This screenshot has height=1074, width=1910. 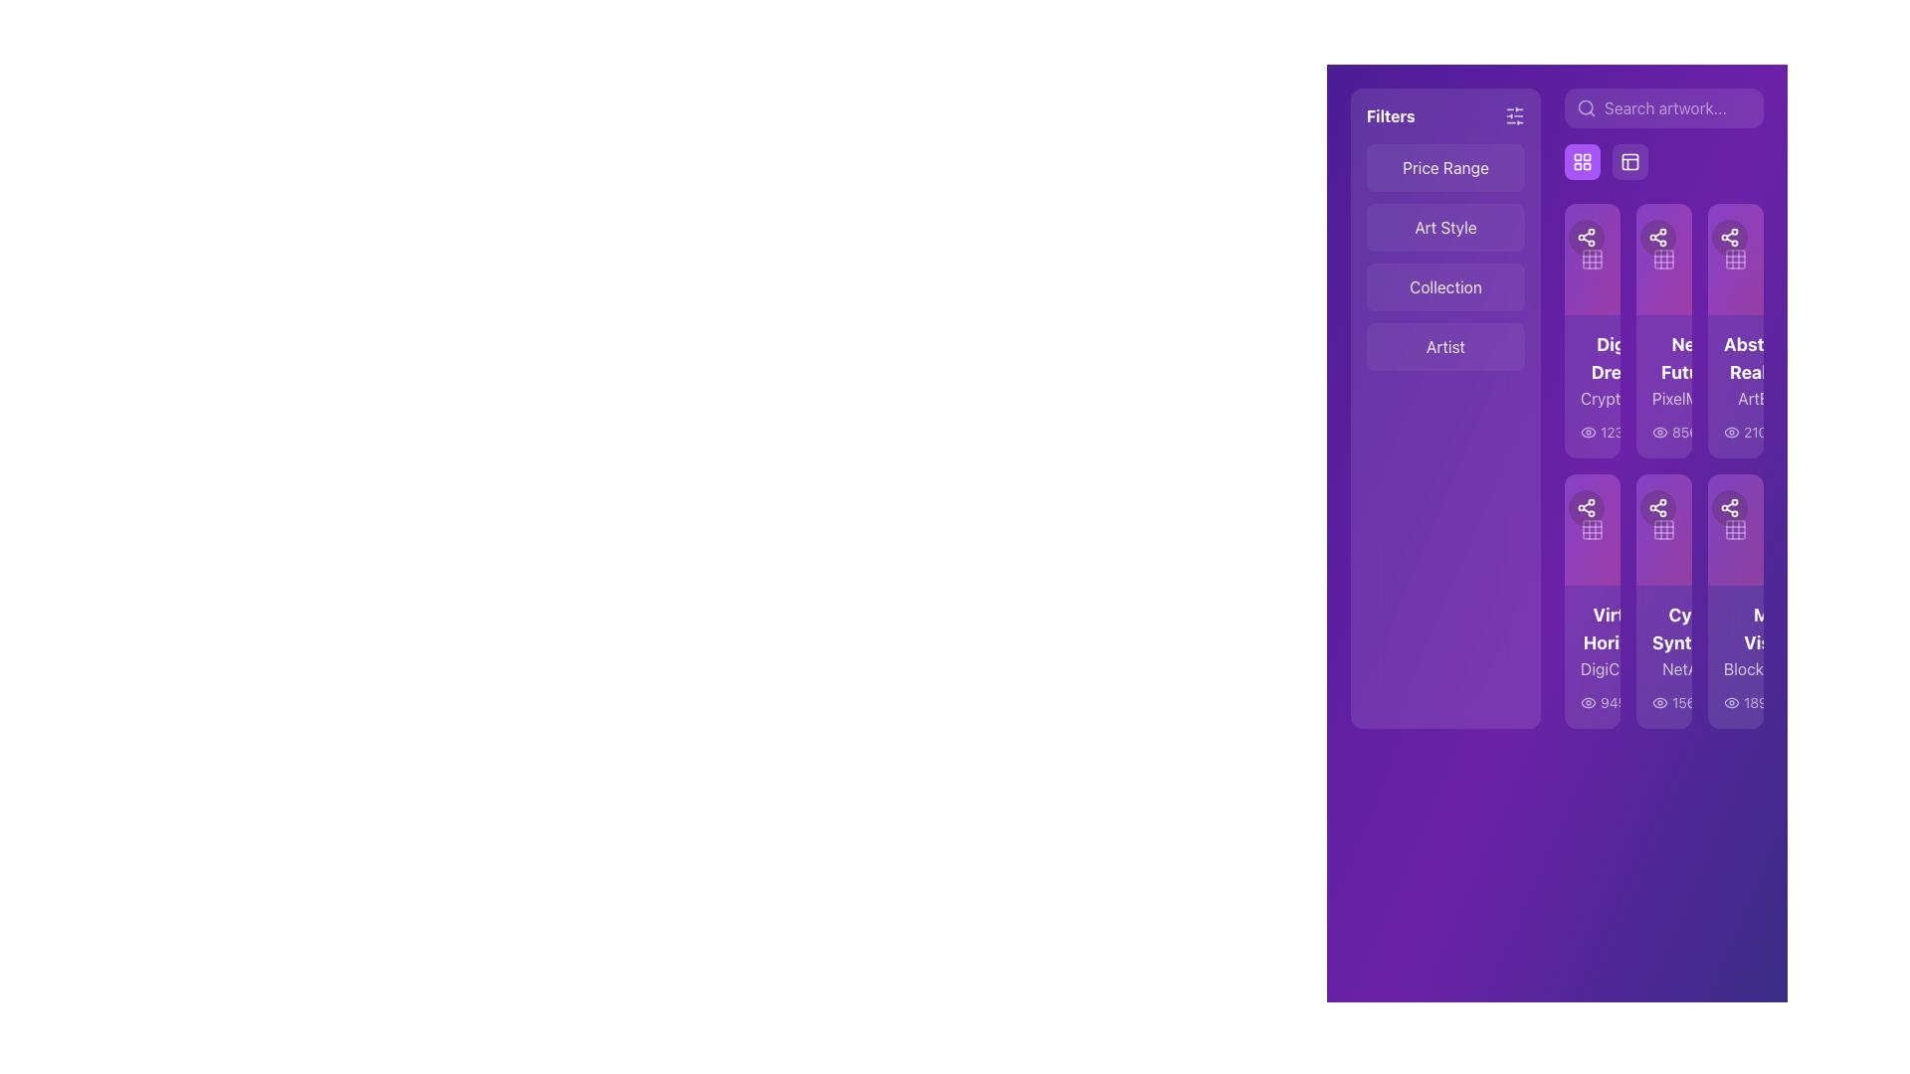 What do you see at coordinates (1581, 160) in the screenshot?
I see `the square-shaped button with a purple background and a white grid icon` at bounding box center [1581, 160].